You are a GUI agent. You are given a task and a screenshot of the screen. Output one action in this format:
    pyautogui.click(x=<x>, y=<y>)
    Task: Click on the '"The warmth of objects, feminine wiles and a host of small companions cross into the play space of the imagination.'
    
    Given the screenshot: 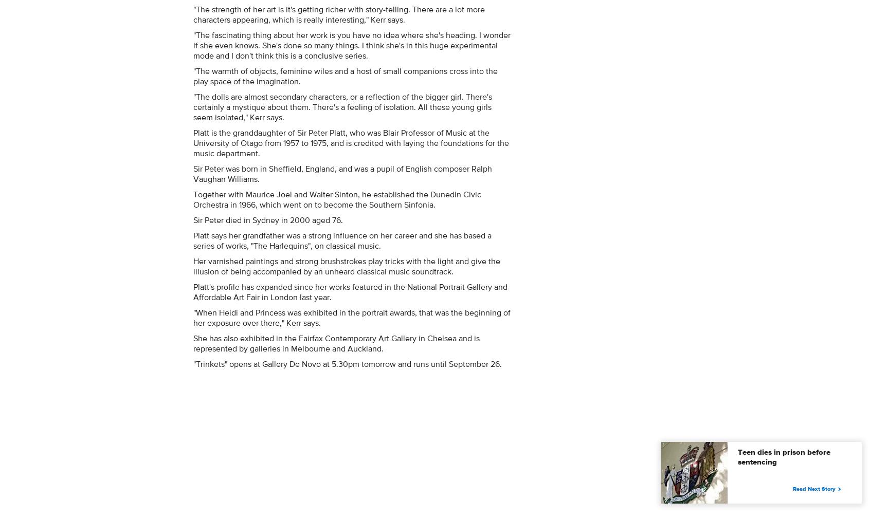 What is the action you would take?
    pyautogui.click(x=346, y=75)
    